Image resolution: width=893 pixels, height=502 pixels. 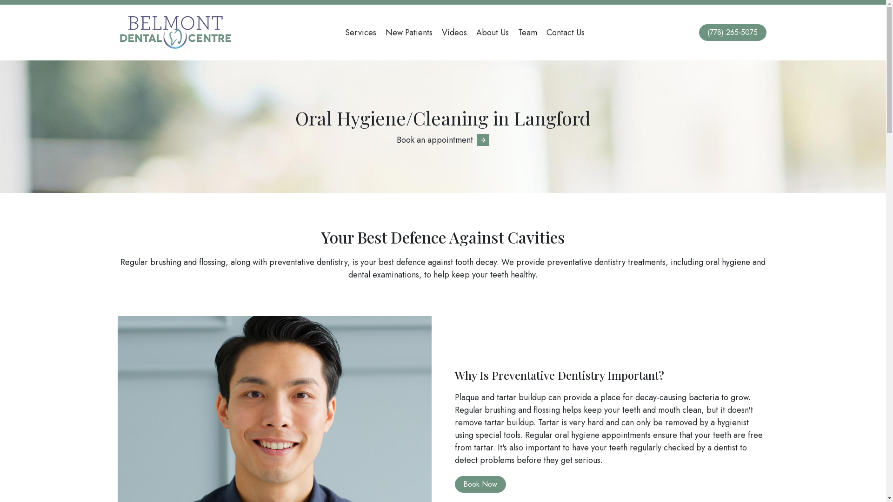 I want to click on 'Team', so click(x=513, y=32).